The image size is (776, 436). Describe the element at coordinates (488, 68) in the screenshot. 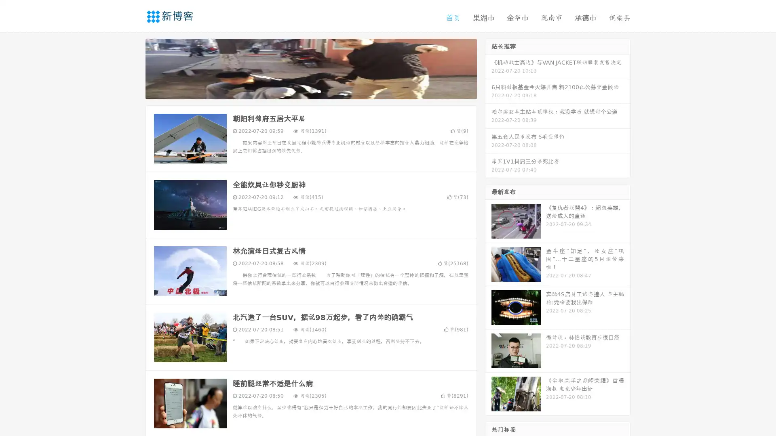

I see `Next slide` at that location.